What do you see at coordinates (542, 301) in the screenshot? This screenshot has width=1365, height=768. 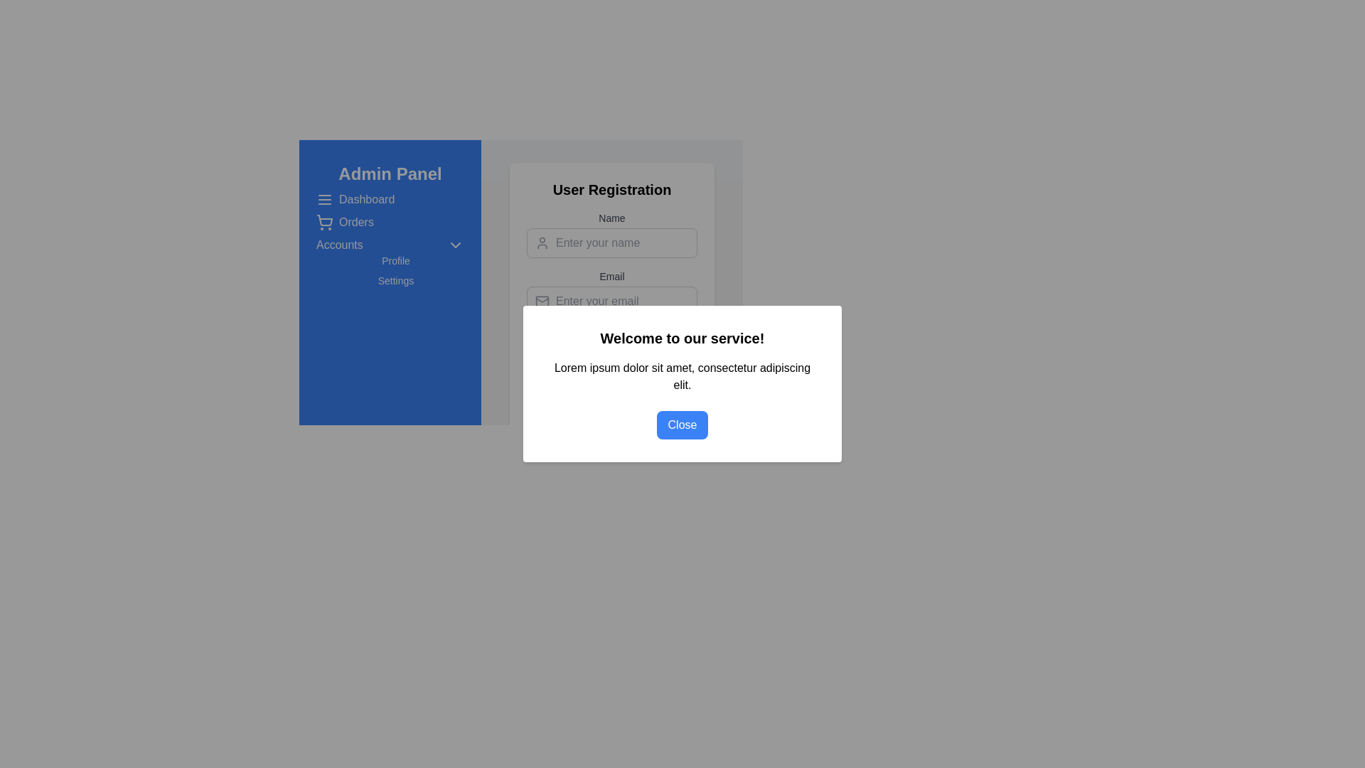 I see `the email input icon located to the left of the 'Enter your email' placeholder in the 'User Registration' section` at bounding box center [542, 301].